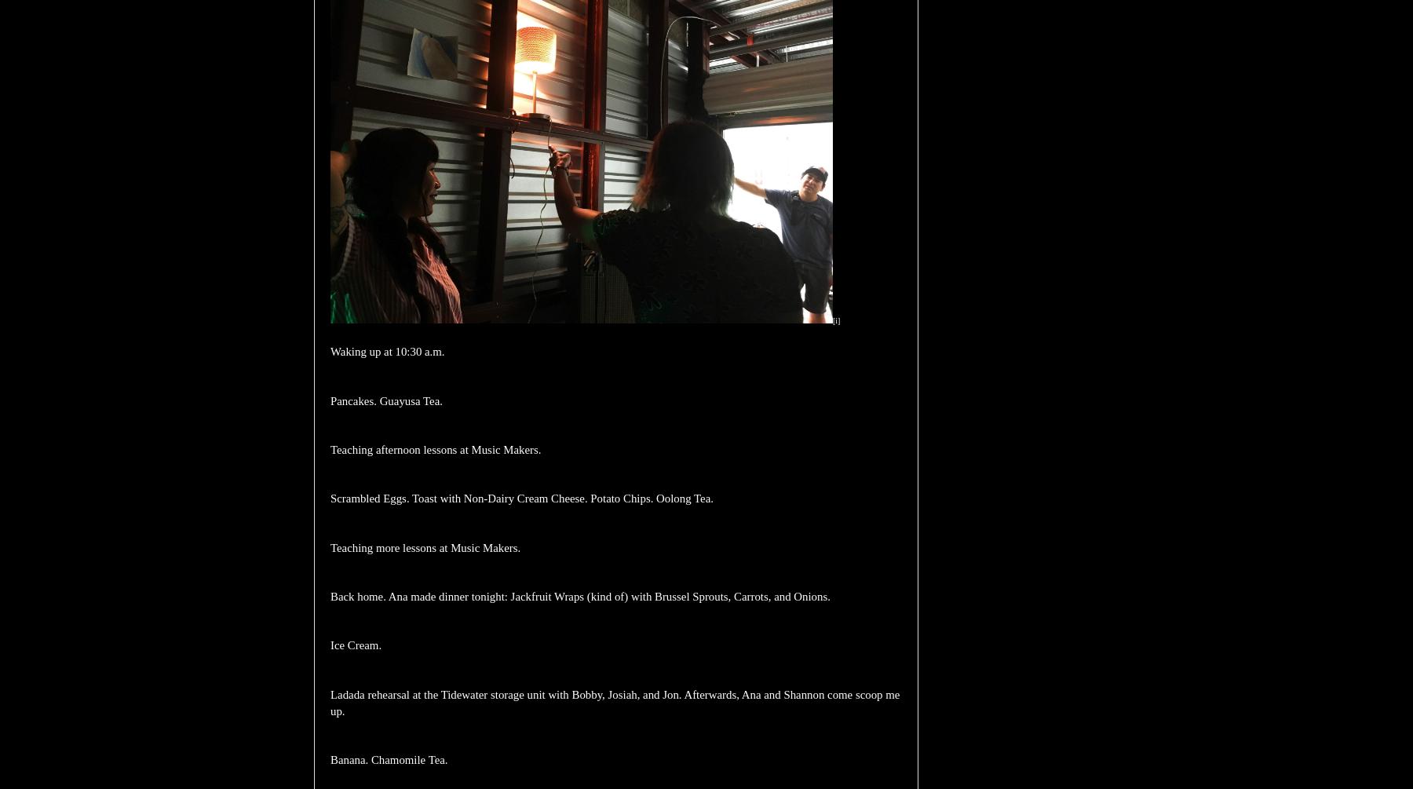 The width and height of the screenshot is (1413, 789). What do you see at coordinates (521, 497) in the screenshot?
I see `'Scrambled Eggs. Toast with Non-Dairy Cream Cheese. Potato Chips. Oolong Tea.'` at bounding box center [521, 497].